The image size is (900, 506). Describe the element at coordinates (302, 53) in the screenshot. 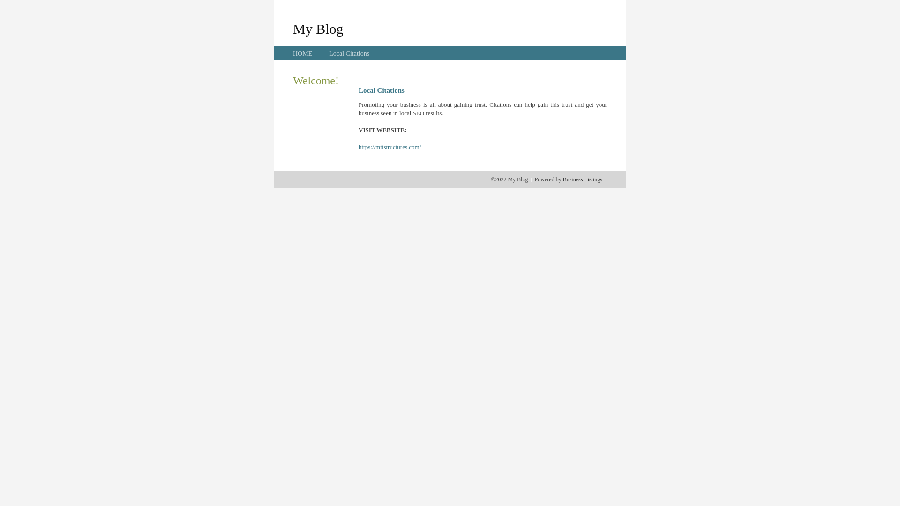

I see `'HOME'` at that location.